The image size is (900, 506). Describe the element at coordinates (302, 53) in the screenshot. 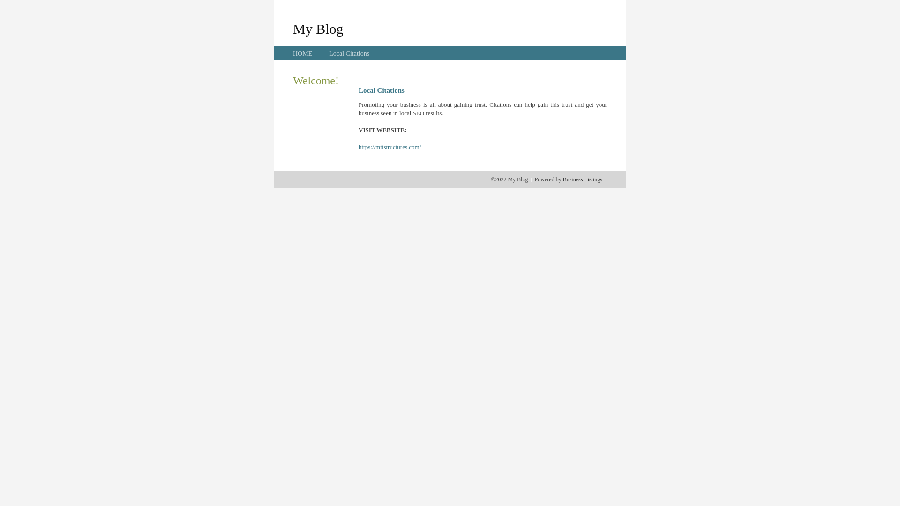

I see `'HOME'` at that location.